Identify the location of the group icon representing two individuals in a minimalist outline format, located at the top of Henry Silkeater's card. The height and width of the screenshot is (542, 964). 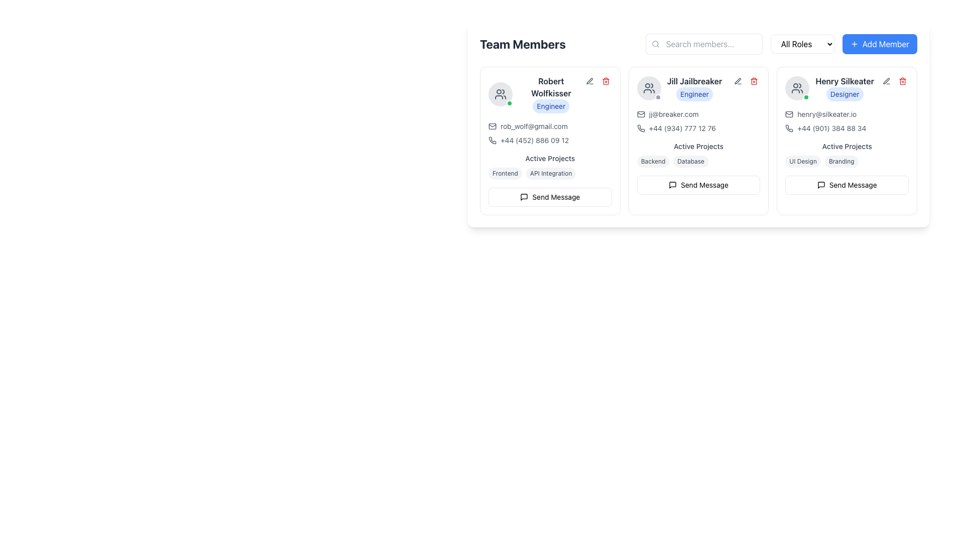
(797, 88).